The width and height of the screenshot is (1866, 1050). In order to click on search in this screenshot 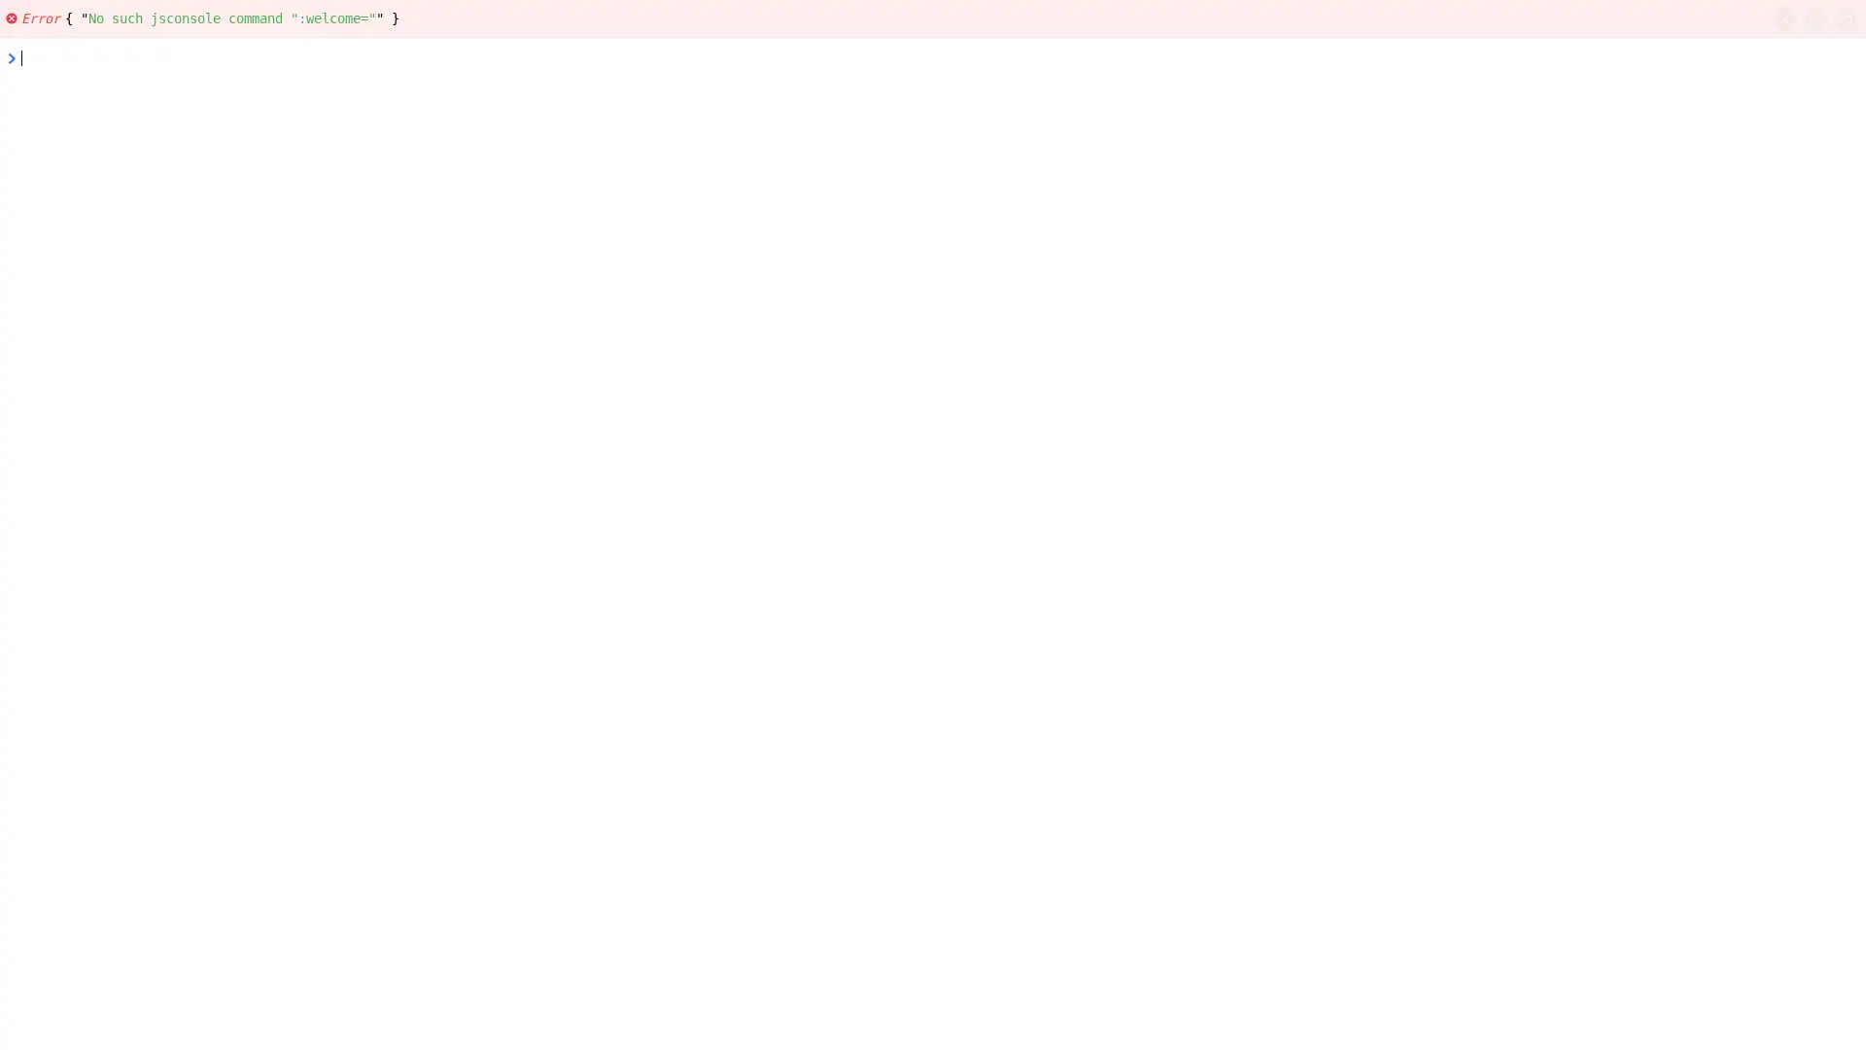, I will do `click(1784, 18)`.